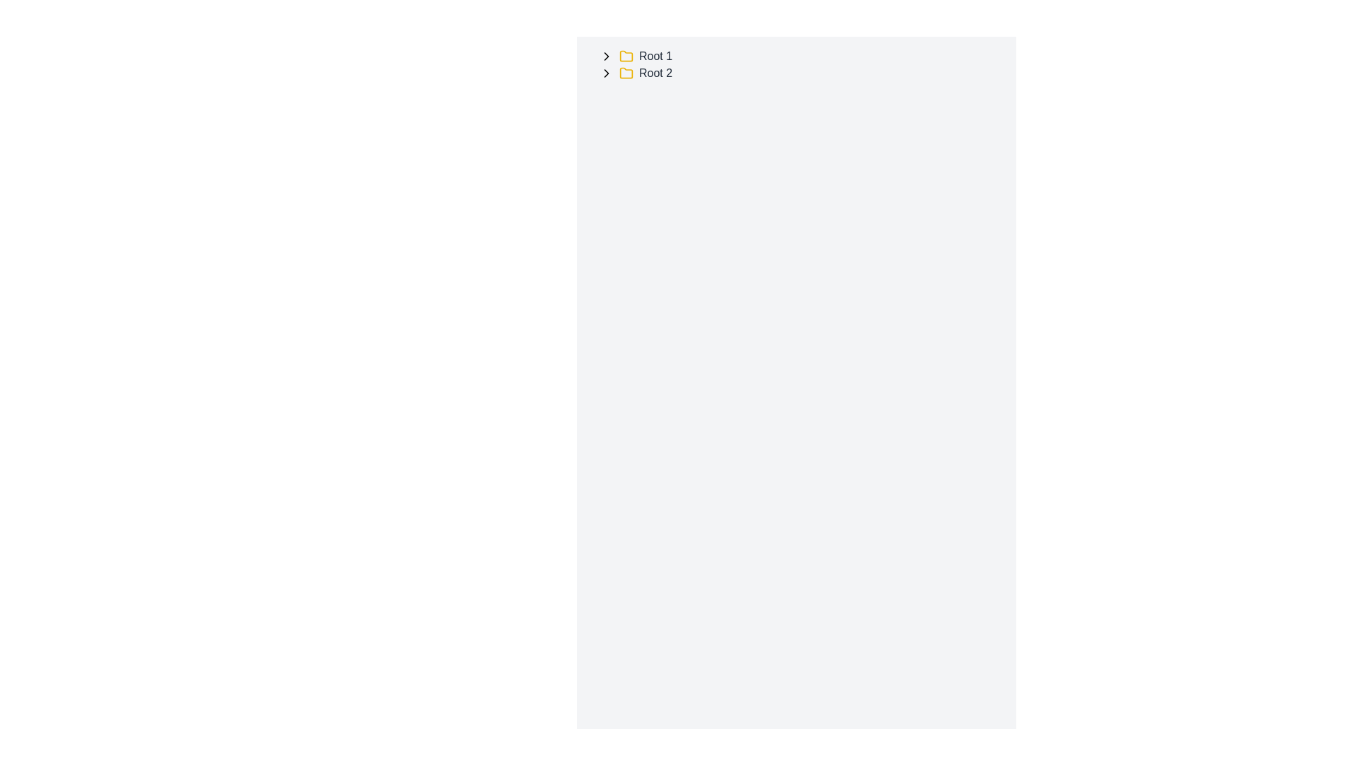 Image resolution: width=1356 pixels, height=763 pixels. I want to click on the folder icon representing a directory under 'Root 2', so click(626, 73).